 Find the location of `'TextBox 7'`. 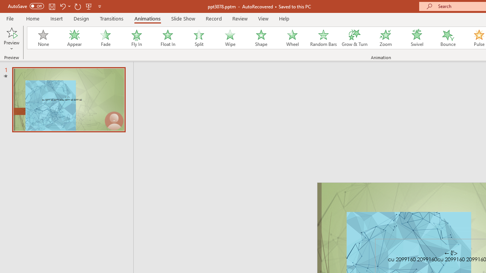

'TextBox 7' is located at coordinates (451, 253).